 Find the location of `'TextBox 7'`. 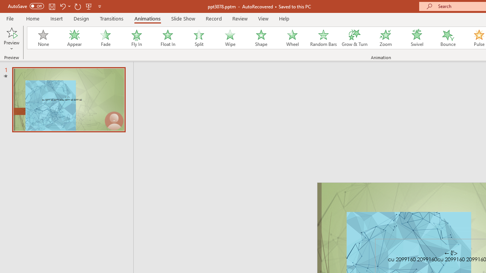

'TextBox 7' is located at coordinates (451, 253).